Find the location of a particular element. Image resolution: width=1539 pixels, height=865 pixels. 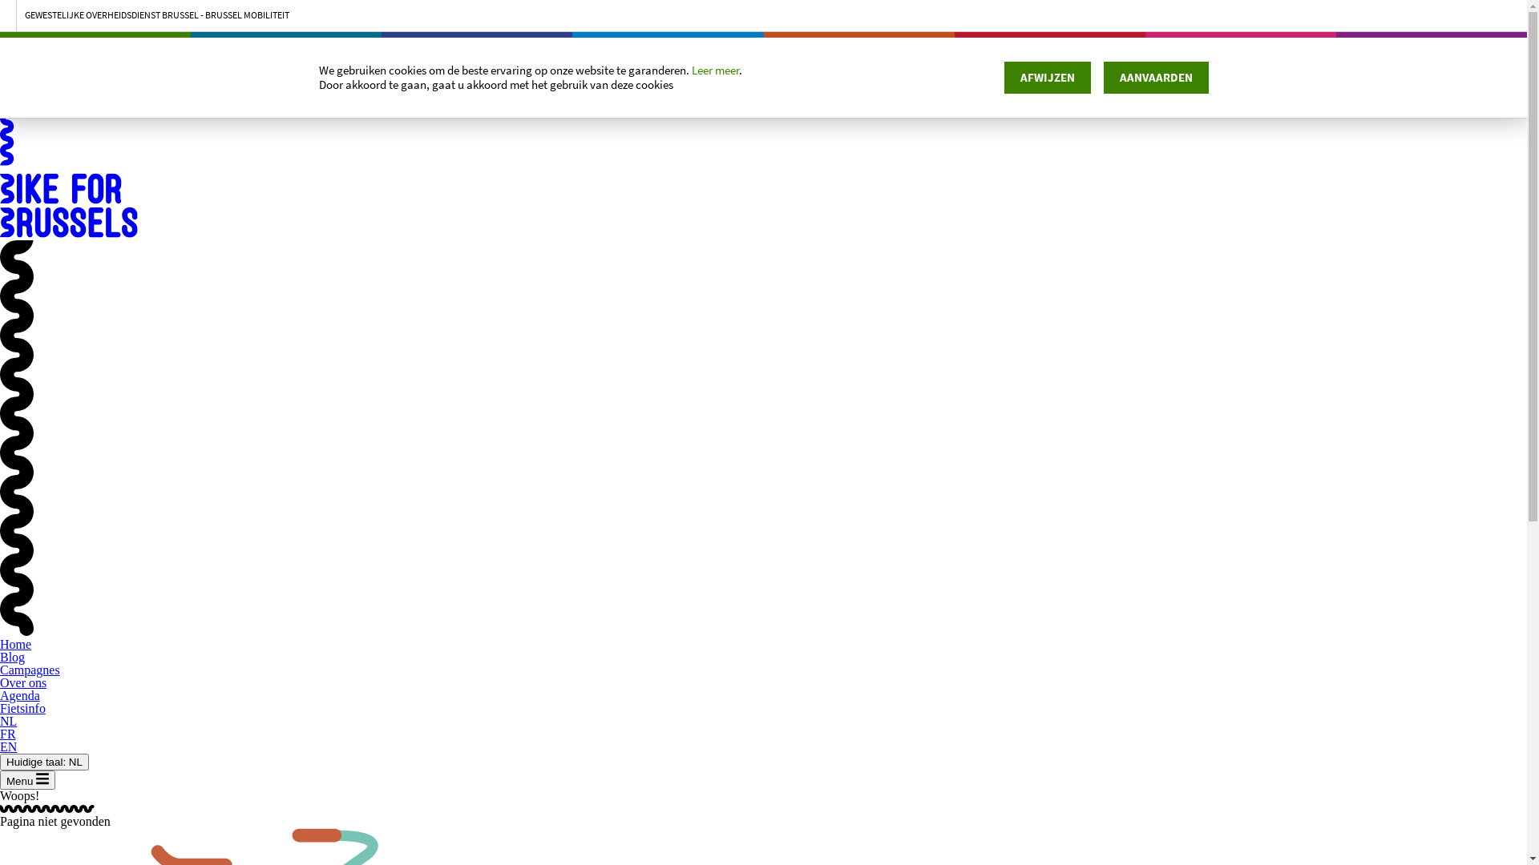

'FR' is located at coordinates (7, 734).